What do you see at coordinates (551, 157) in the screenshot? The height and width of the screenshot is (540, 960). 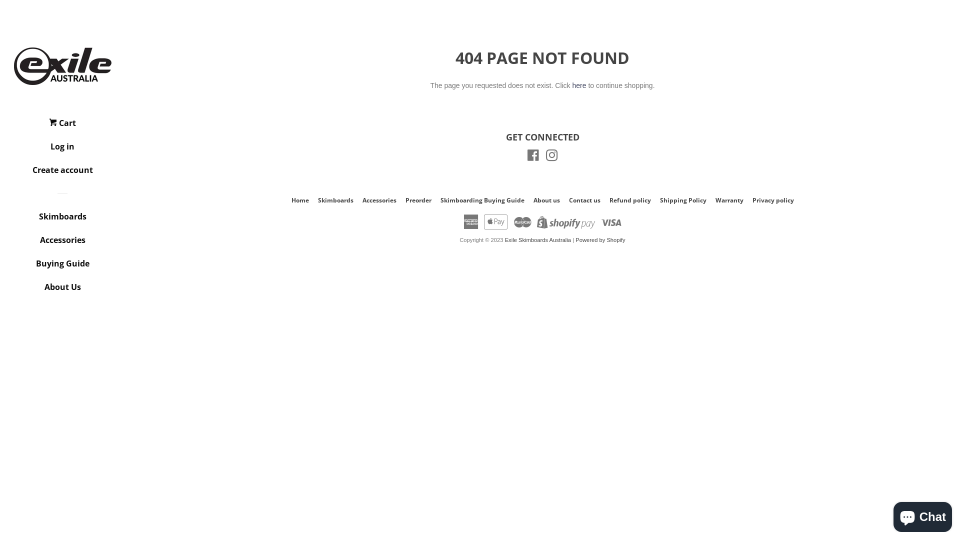 I see `'Instagram'` at bounding box center [551, 157].